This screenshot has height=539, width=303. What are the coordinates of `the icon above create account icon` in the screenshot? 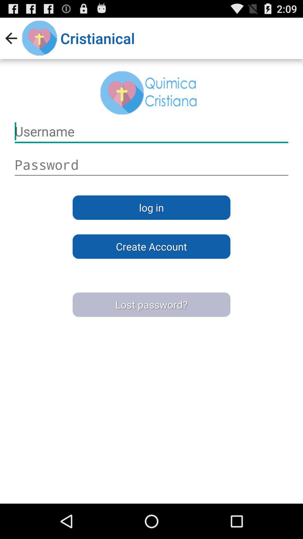 It's located at (151, 207).